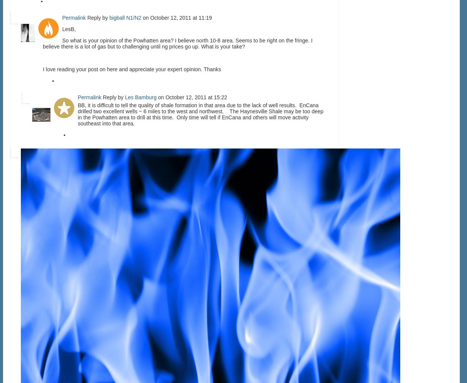 The width and height of the screenshot is (467, 383). I want to click on 'So what is your opinion of the Powhatten area? I believe north 10-8 area. Seems to be right on the fringe. I believe there is a lot of gas but to challenging until ng prices go up. What is your take?', so click(178, 43).